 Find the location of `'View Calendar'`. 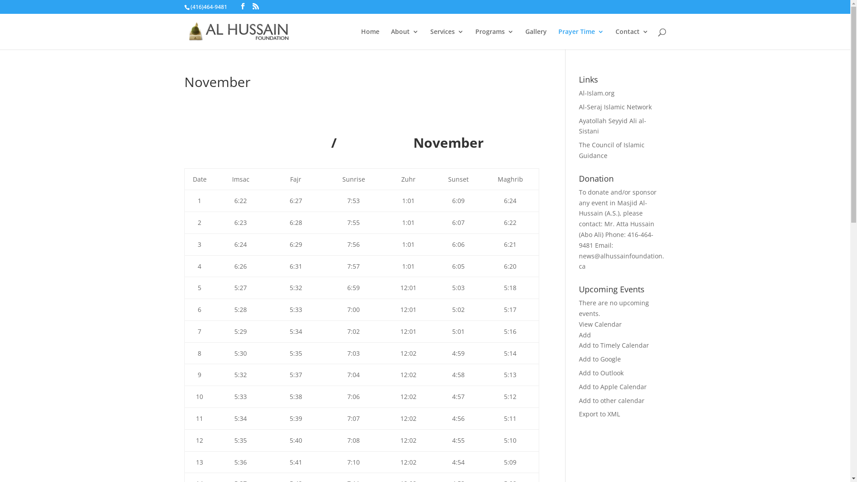

'View Calendar' is located at coordinates (600, 324).